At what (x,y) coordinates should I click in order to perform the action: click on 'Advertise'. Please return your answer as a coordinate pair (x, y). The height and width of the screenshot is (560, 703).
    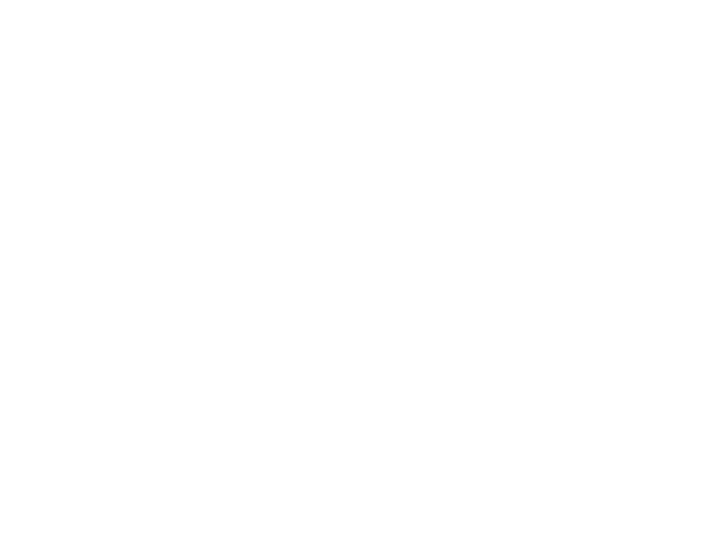
    Looking at the image, I should click on (173, 450).